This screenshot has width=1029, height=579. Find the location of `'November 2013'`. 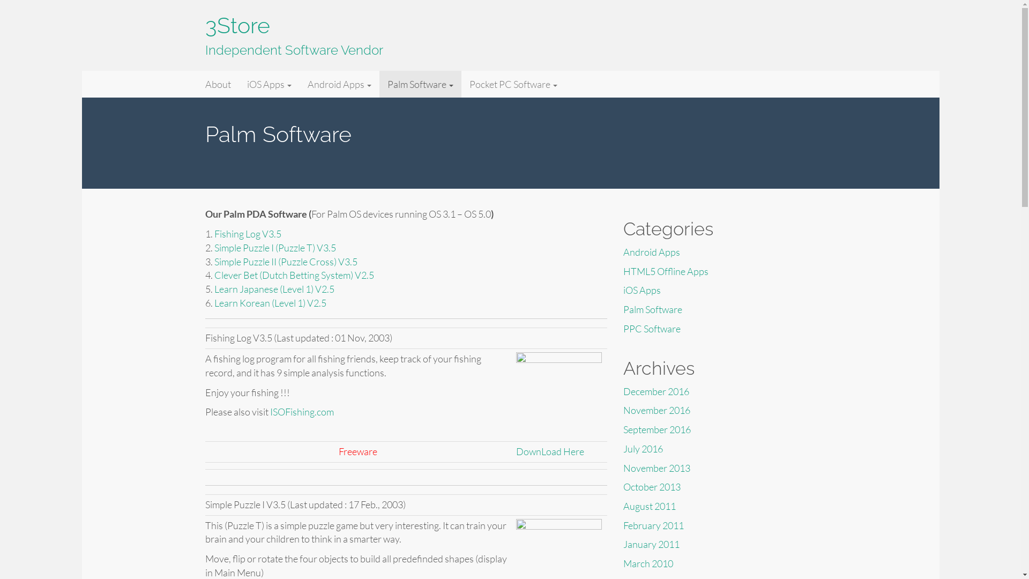

'November 2013' is located at coordinates (655, 467).